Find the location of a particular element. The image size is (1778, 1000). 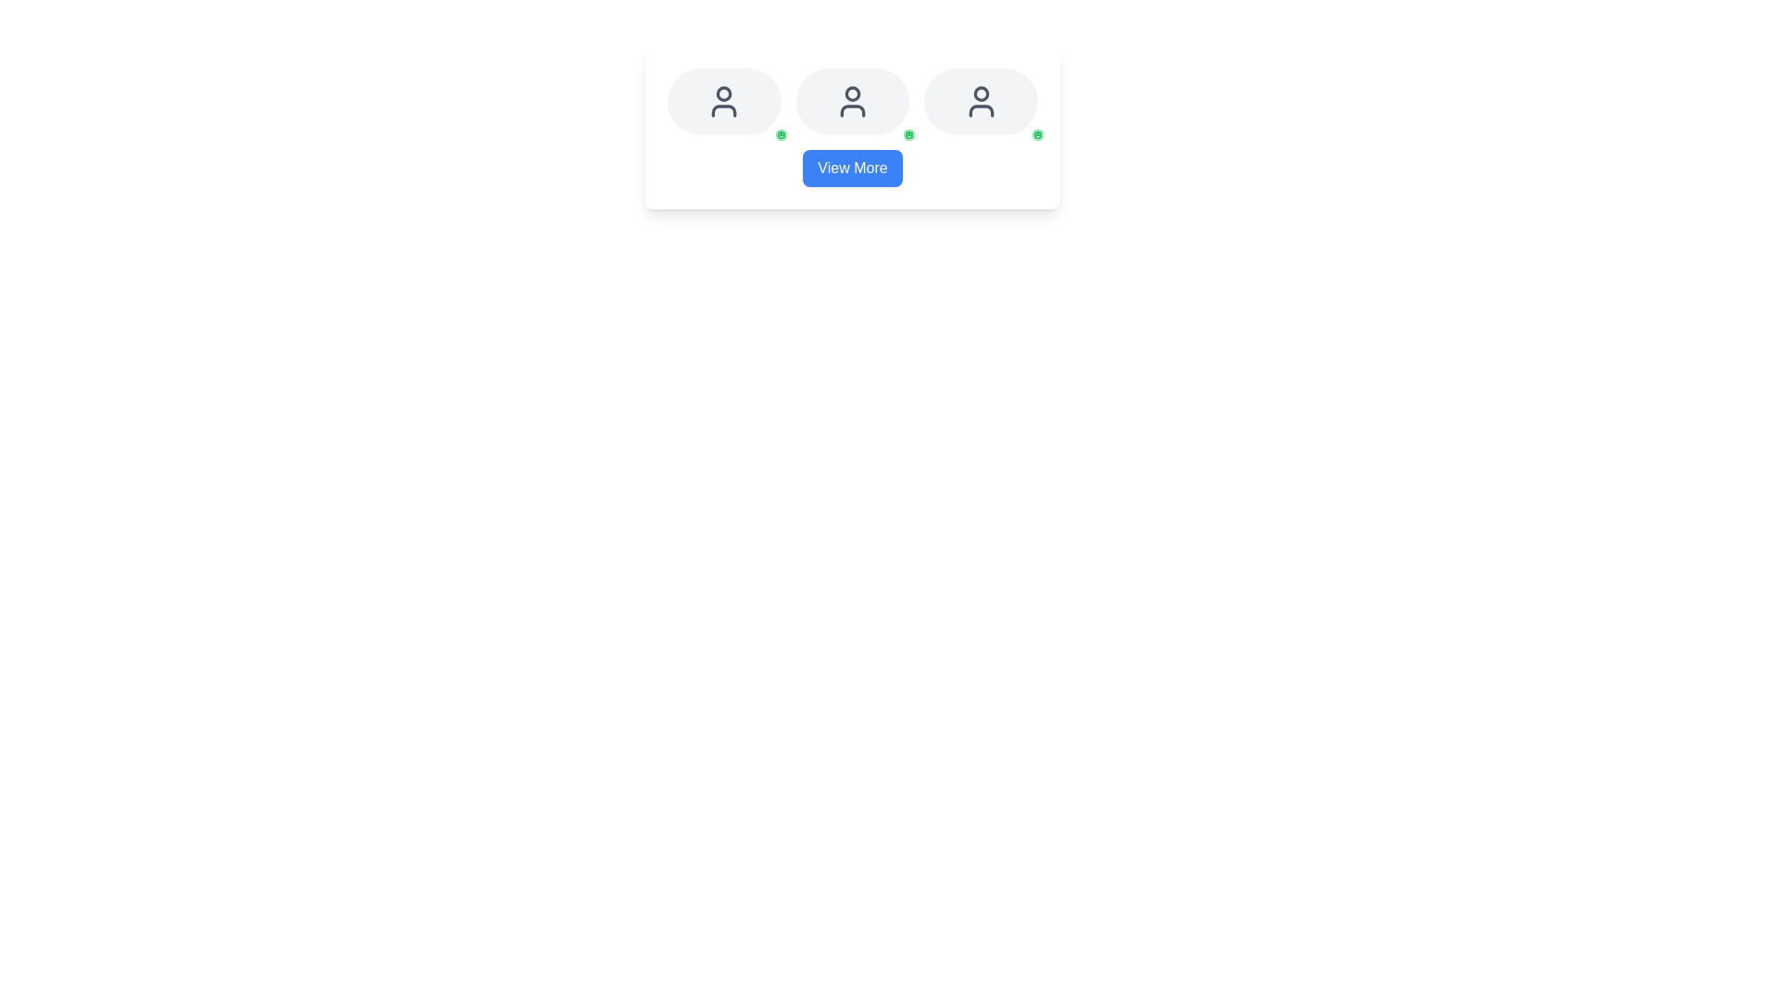

the circular shape element that forms the outer boundary of the smiley face icon is located at coordinates (1037, 134).